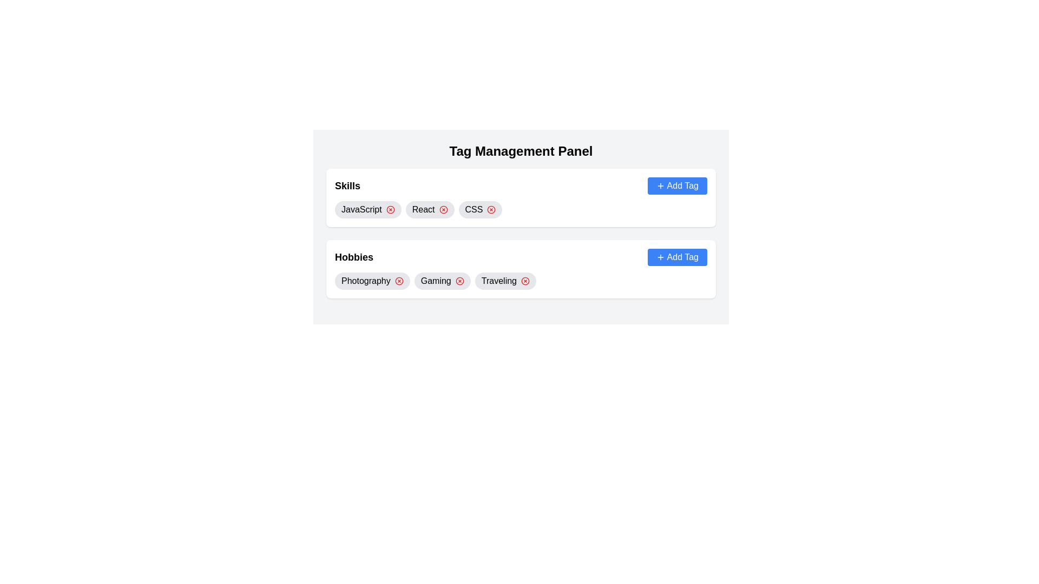 The height and width of the screenshot is (584, 1039). I want to click on the small plus icon within the 'Add Tag' button located in the 'Hobbies' category, so click(660, 257).